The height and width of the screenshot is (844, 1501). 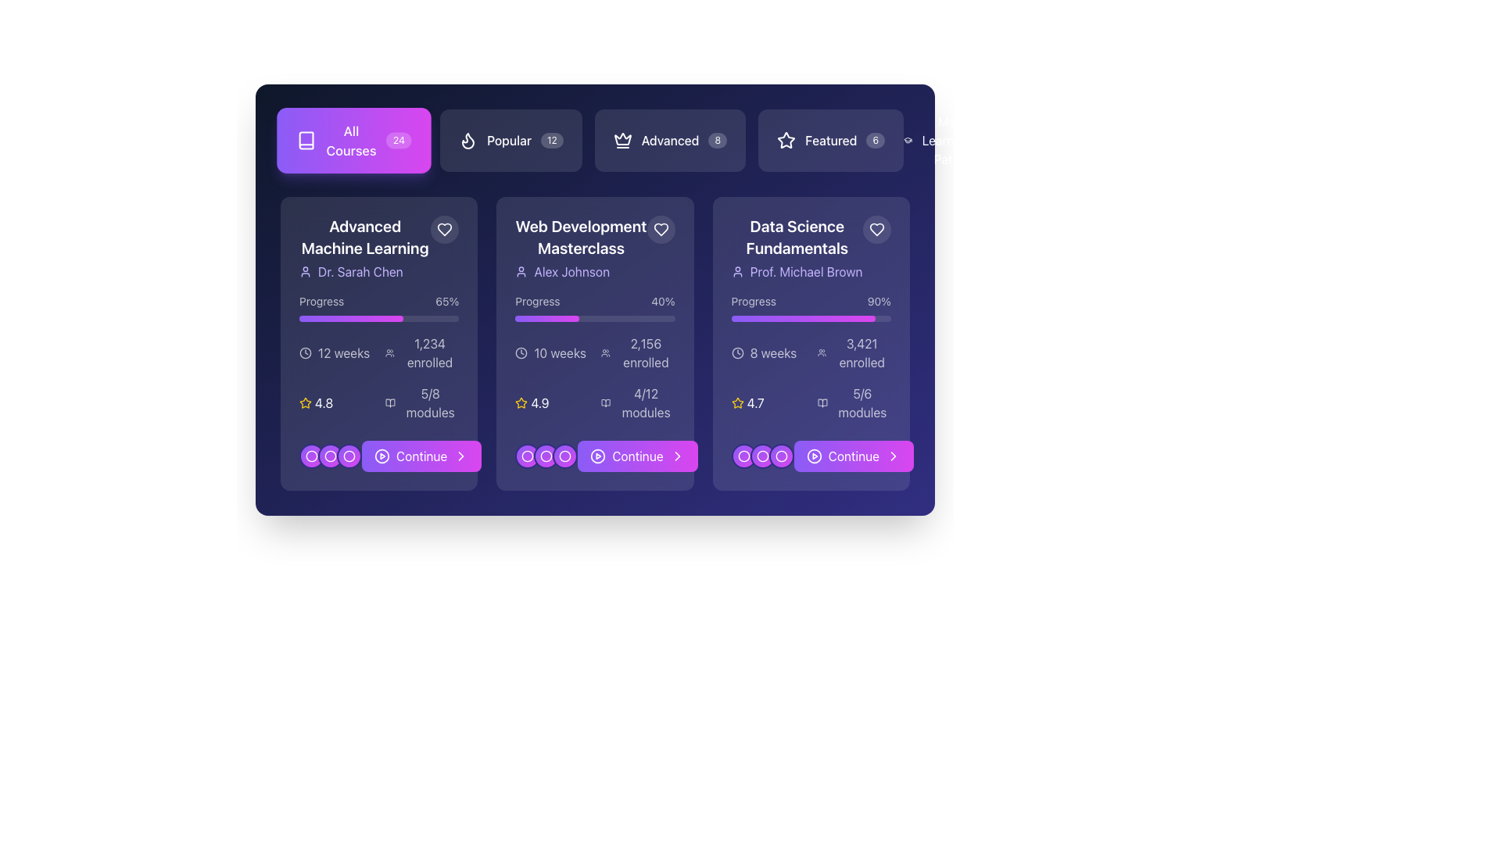 What do you see at coordinates (811, 318) in the screenshot?
I see `the progress bar indicating 90% completion for the 'Data Science Fundamentals' course, located in the bottom section of the card` at bounding box center [811, 318].